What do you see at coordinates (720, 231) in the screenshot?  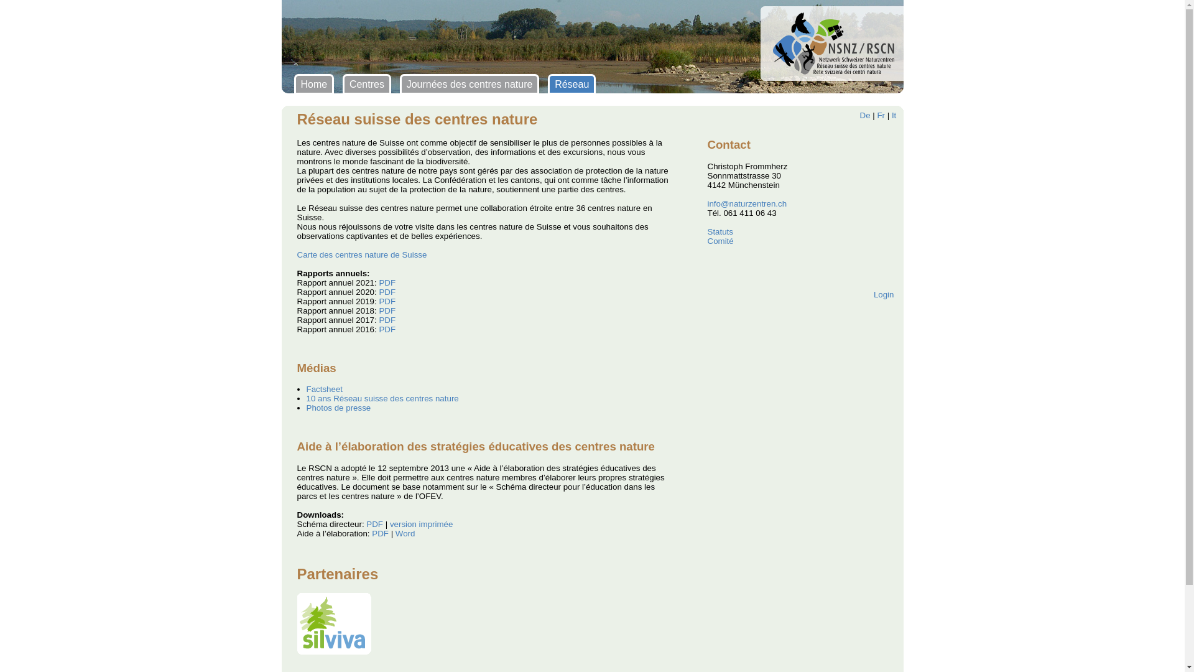 I see `'Statuts'` at bounding box center [720, 231].